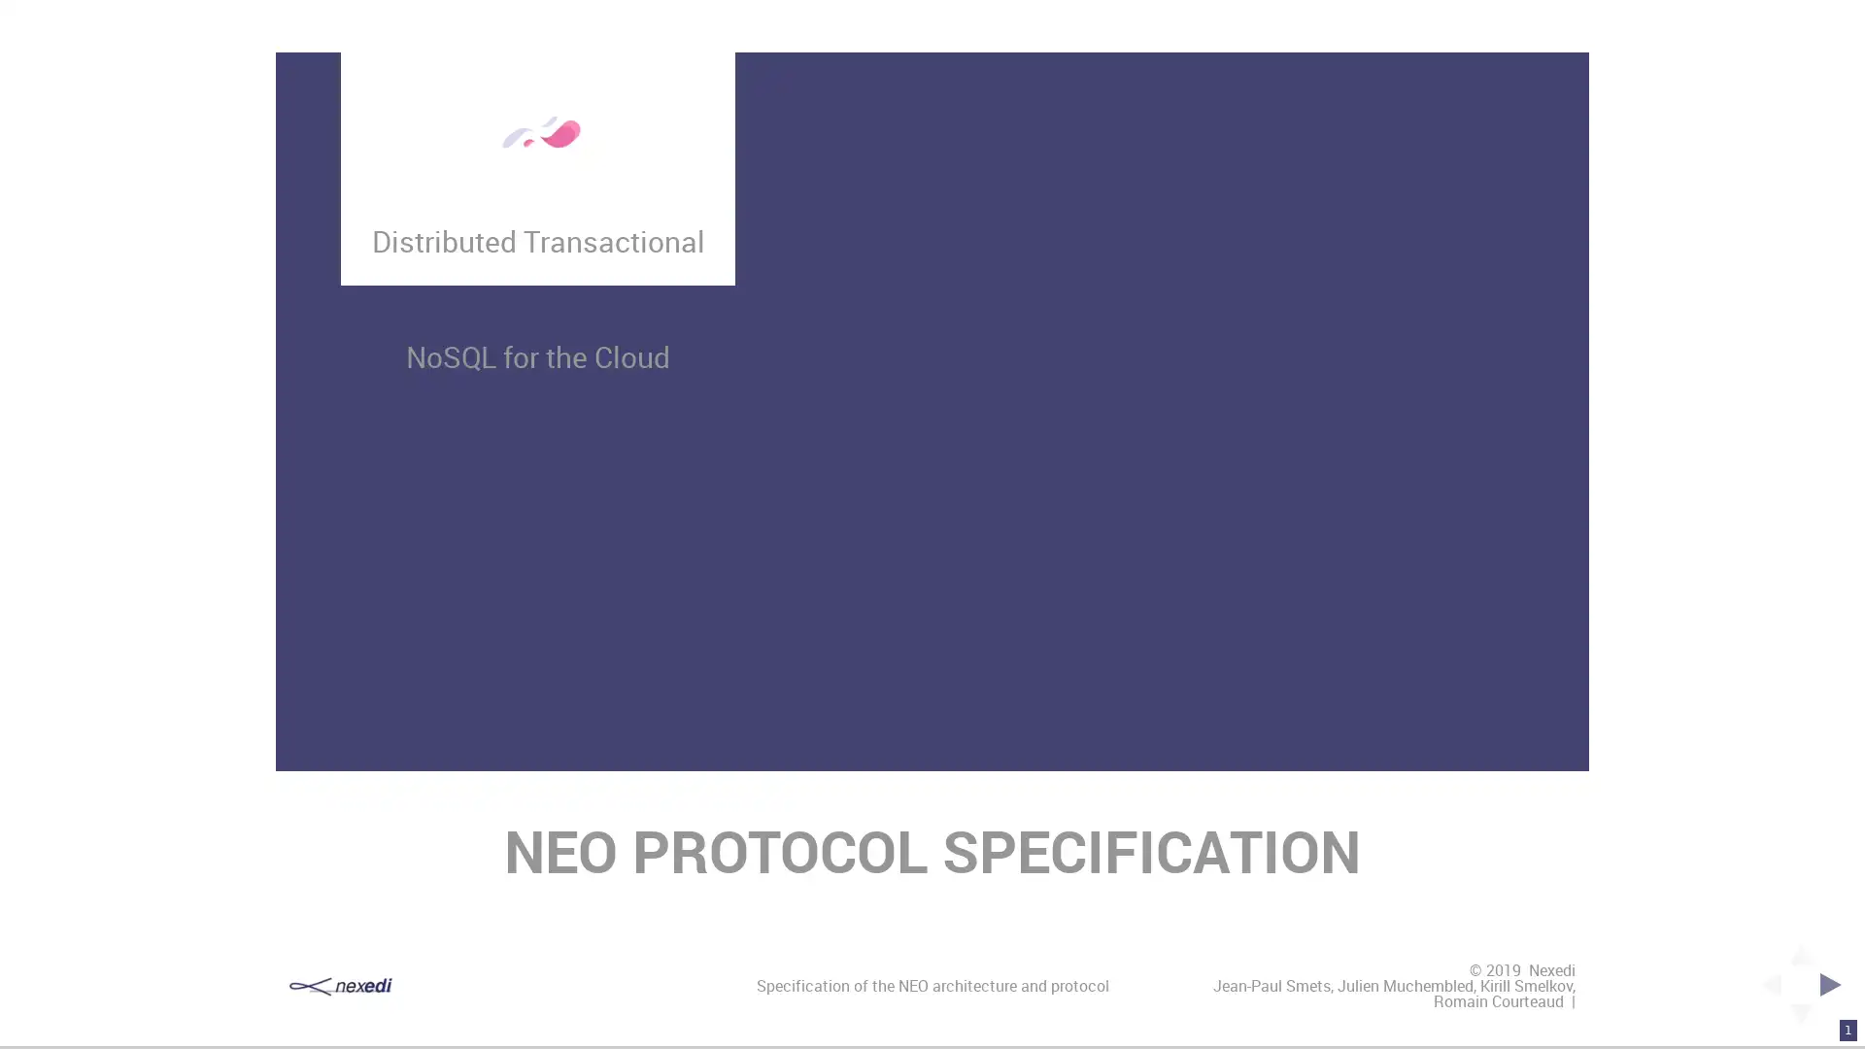 The image size is (1865, 1049). Describe the element at coordinates (1799, 1019) in the screenshot. I see `below slide` at that location.